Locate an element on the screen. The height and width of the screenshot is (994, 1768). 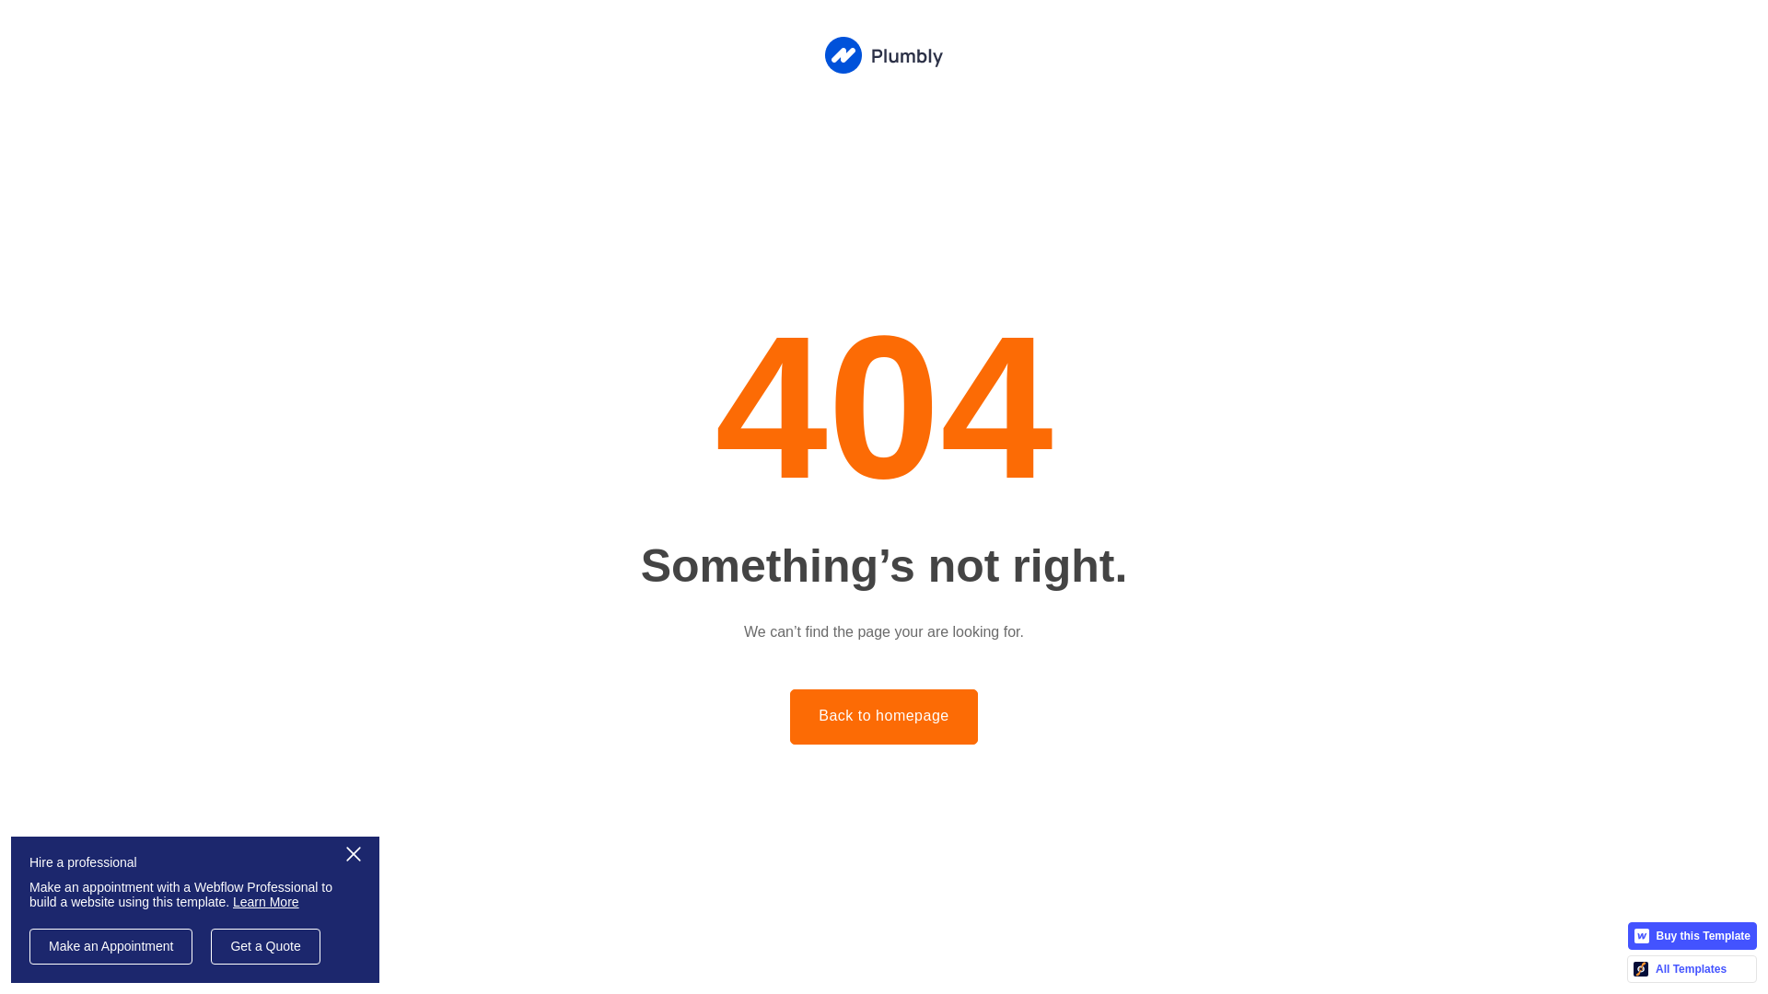
'Buy this Template' is located at coordinates (1692, 936).